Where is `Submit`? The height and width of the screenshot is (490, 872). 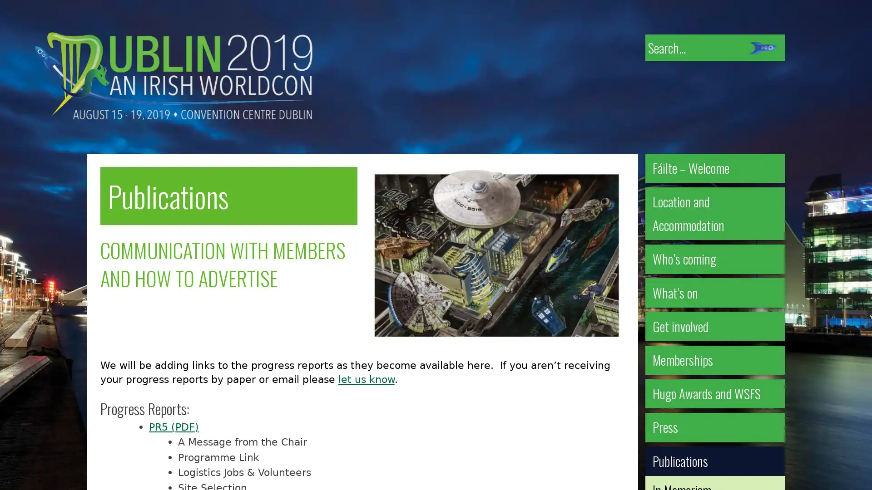 Submit is located at coordinates (763, 48).